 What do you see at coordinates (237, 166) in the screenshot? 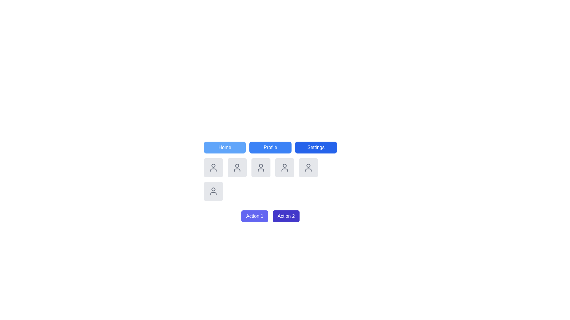
I see `the user profile icon, which is represented by a circle shape within an SVG graphic, located as the third icon in a horizontal set under the navigation bar` at bounding box center [237, 166].